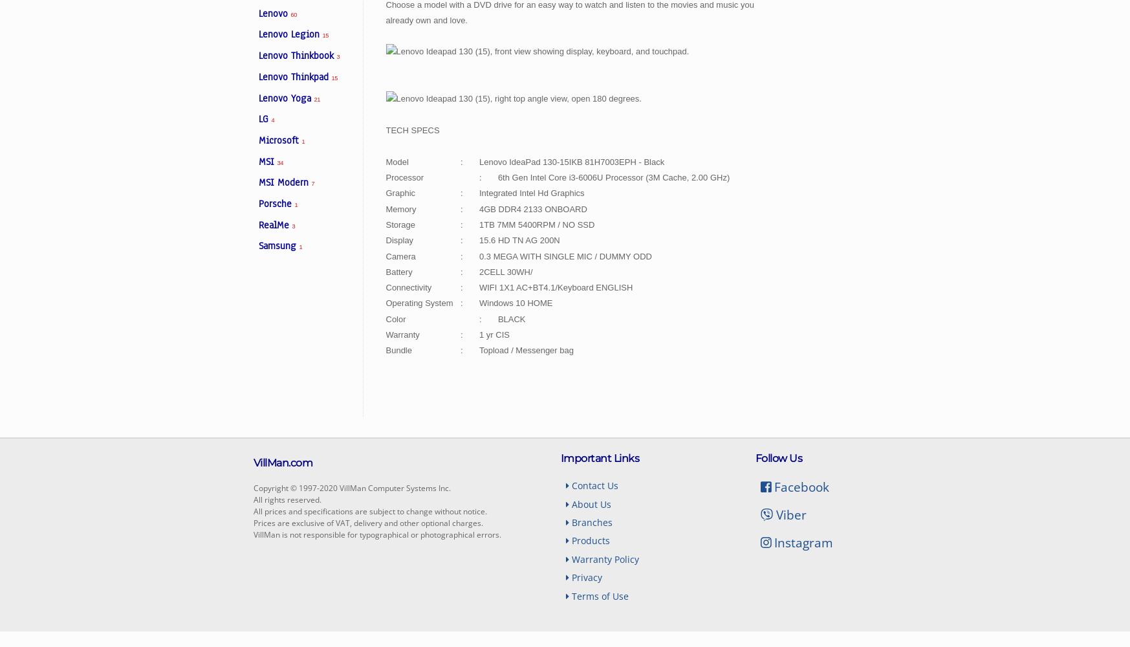 Image resolution: width=1130 pixels, height=647 pixels. Describe the element at coordinates (408, 287) in the screenshot. I see `'Connectivity'` at that location.